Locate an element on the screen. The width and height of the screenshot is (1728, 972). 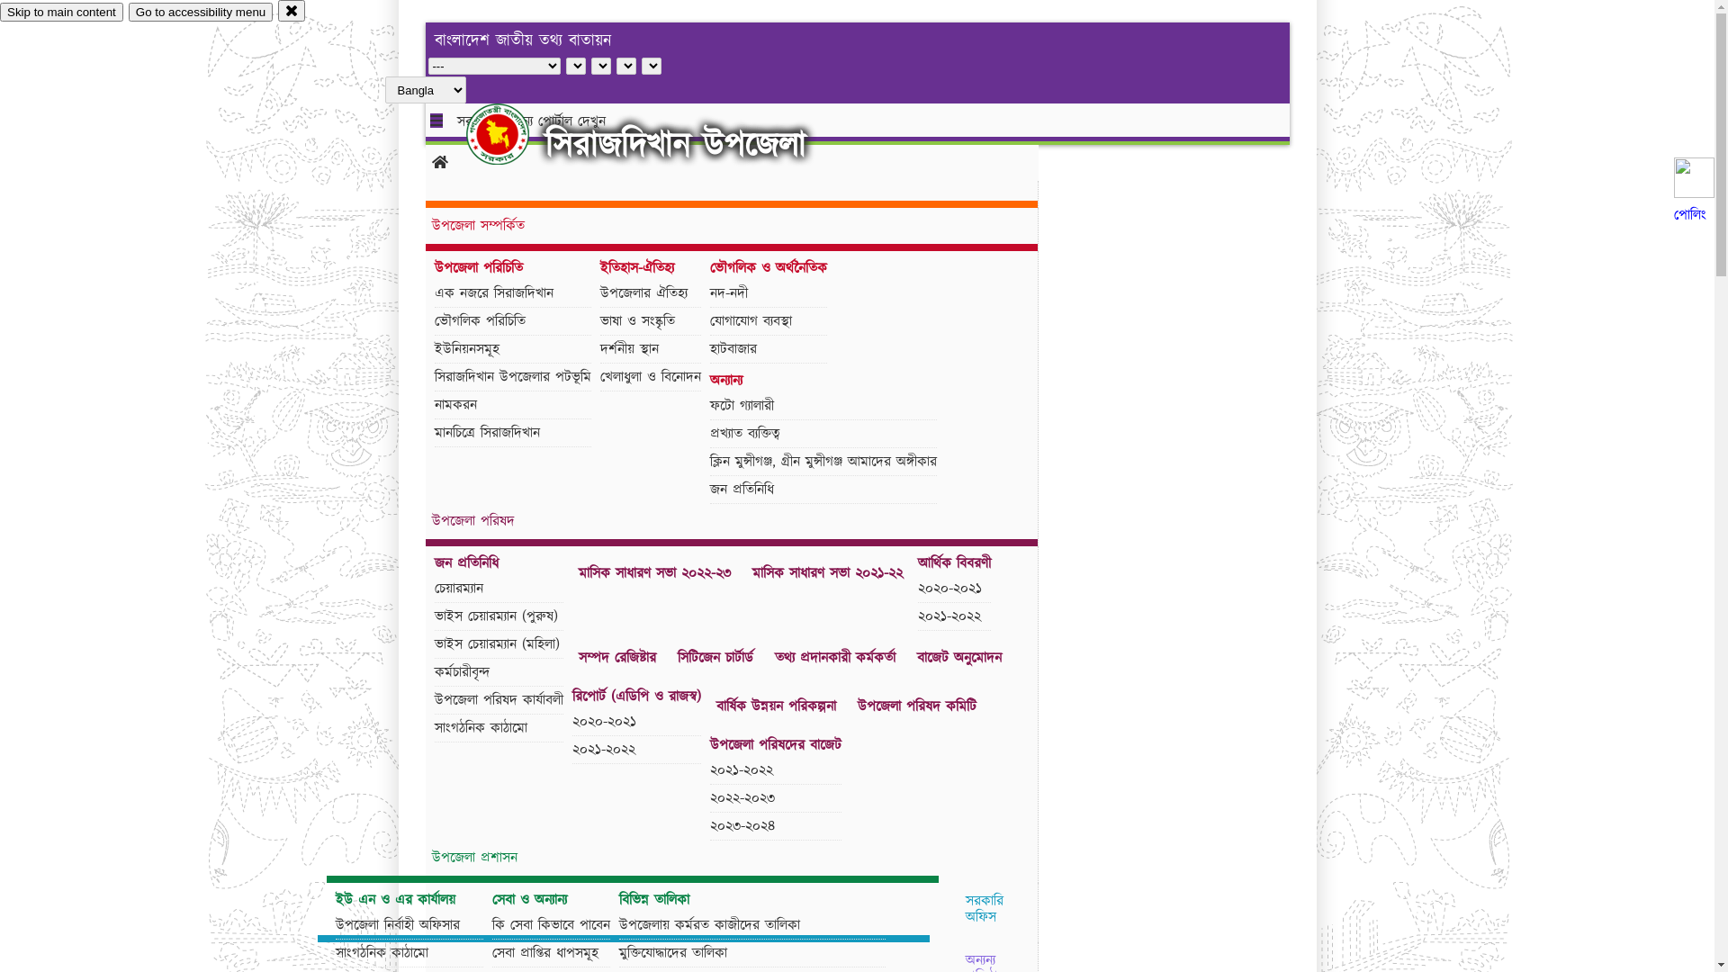
'Go to accessibility menu' is located at coordinates (200, 12).